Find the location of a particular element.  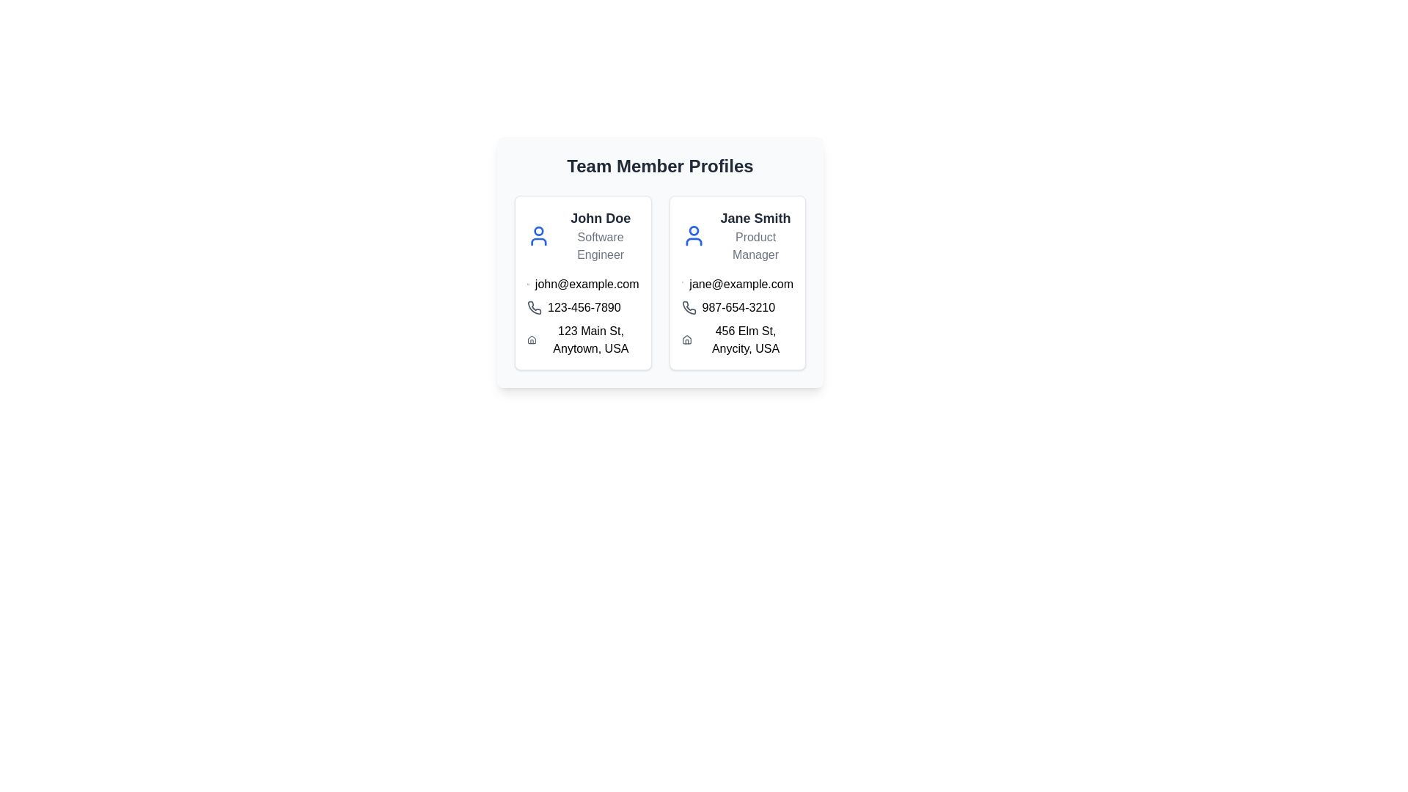

the house icon located on the left side of the address text in 'John Doe' card is located at coordinates (531, 340).